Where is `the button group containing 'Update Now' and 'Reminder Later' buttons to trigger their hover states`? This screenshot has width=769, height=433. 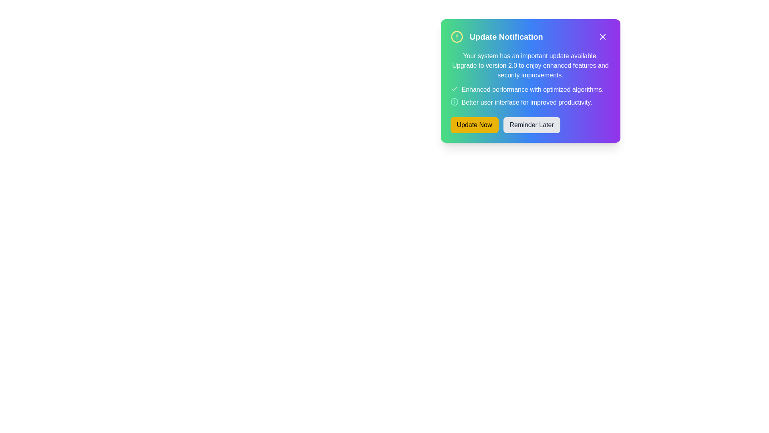 the button group containing 'Update Now' and 'Reminder Later' buttons to trigger their hover states is located at coordinates (530, 125).